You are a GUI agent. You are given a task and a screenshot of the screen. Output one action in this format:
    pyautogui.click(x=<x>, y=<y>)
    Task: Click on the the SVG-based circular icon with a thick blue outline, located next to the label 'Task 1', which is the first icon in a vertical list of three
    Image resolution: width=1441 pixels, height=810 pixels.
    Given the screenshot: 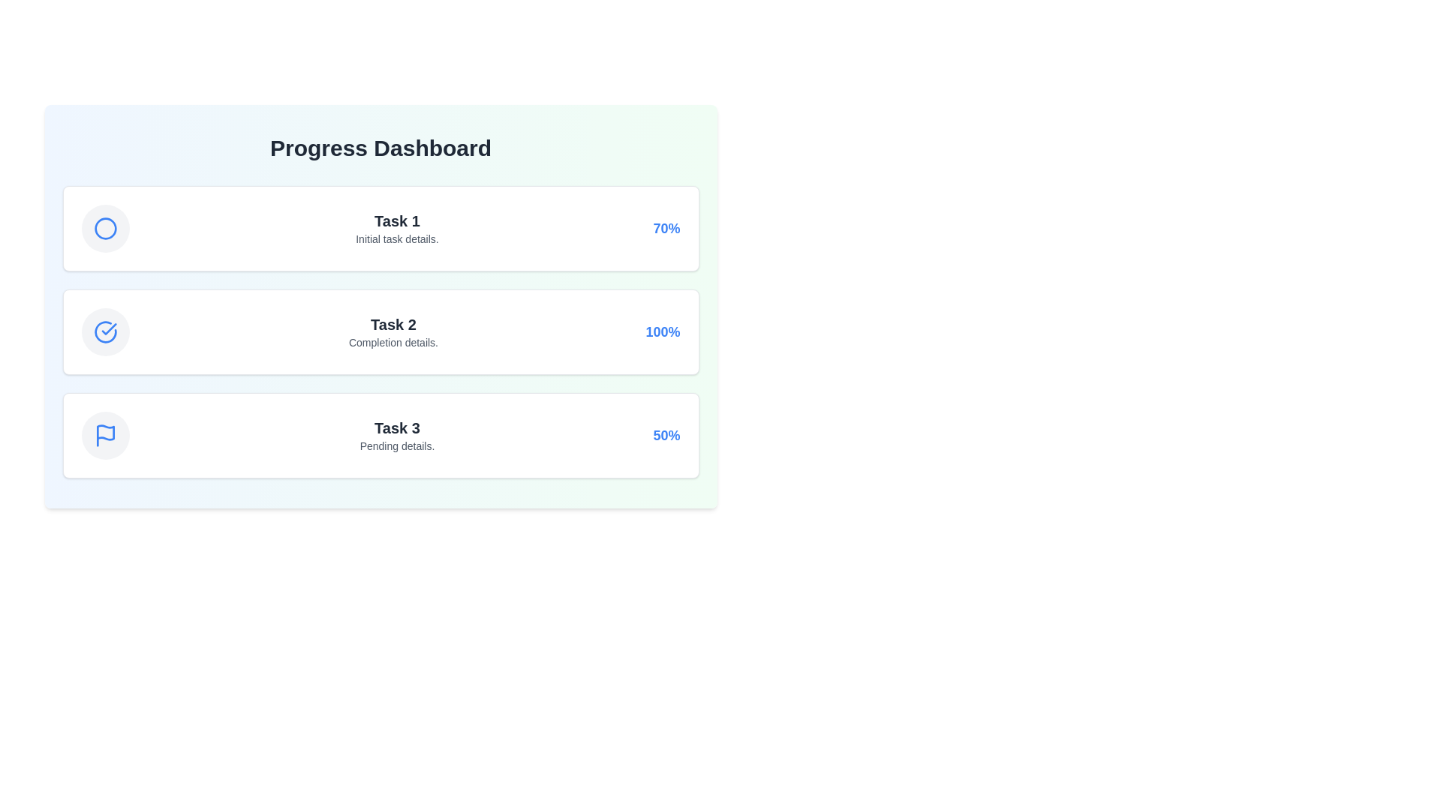 What is the action you would take?
    pyautogui.click(x=104, y=228)
    